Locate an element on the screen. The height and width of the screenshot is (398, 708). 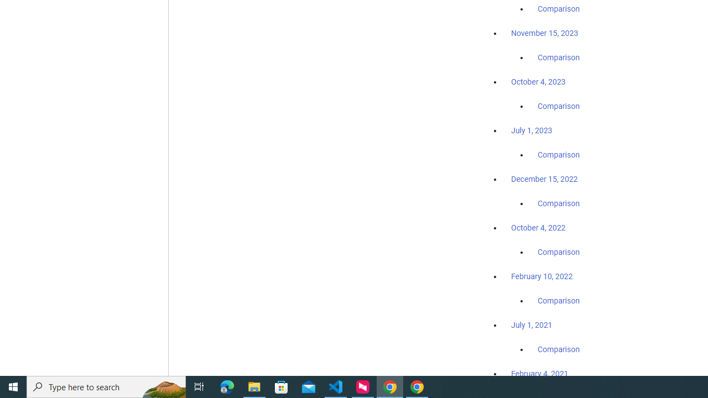
'October 4, 2023' is located at coordinates (538, 81).